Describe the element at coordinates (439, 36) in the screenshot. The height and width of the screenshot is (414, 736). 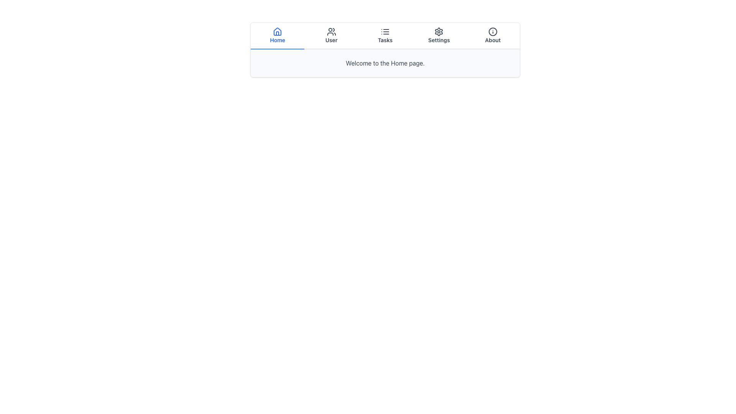
I see `the 'Settings' Navigation Tab, which is the fourth item in the horizontal menu bar` at that location.